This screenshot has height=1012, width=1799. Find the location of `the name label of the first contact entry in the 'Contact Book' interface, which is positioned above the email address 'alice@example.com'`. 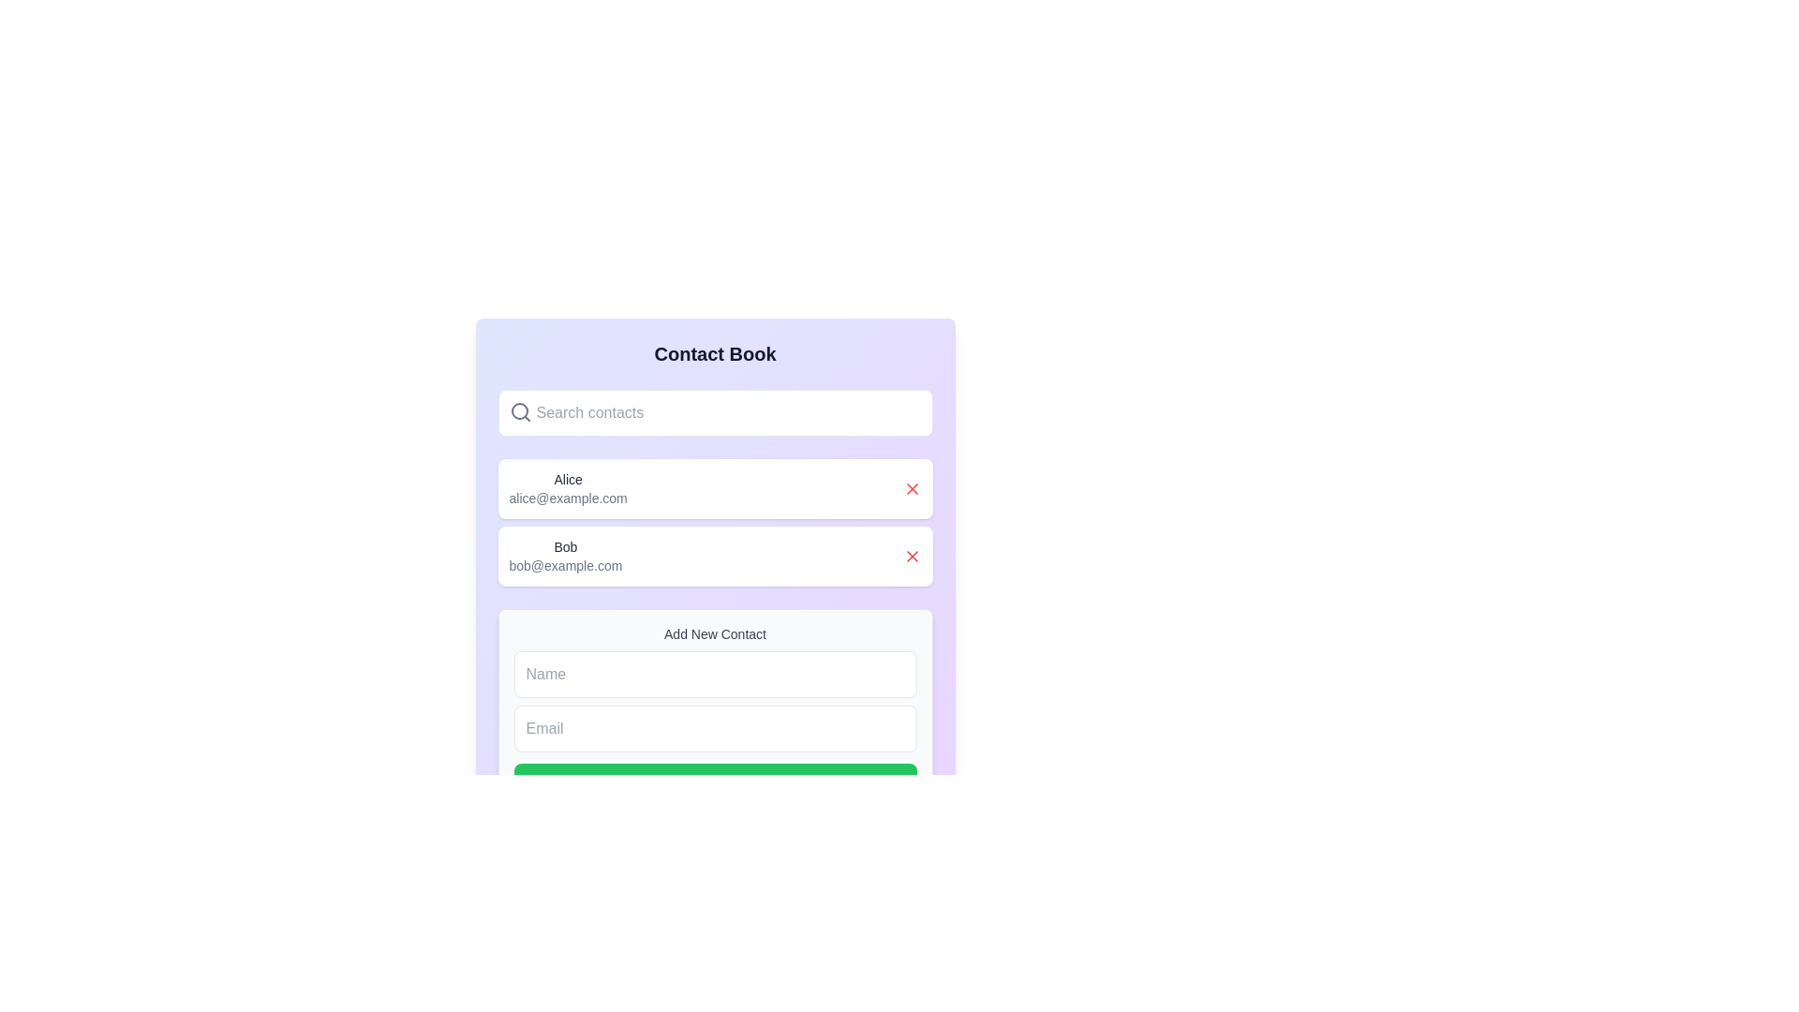

the name label of the first contact entry in the 'Contact Book' interface, which is positioned above the email address 'alice@example.com' is located at coordinates (567, 479).